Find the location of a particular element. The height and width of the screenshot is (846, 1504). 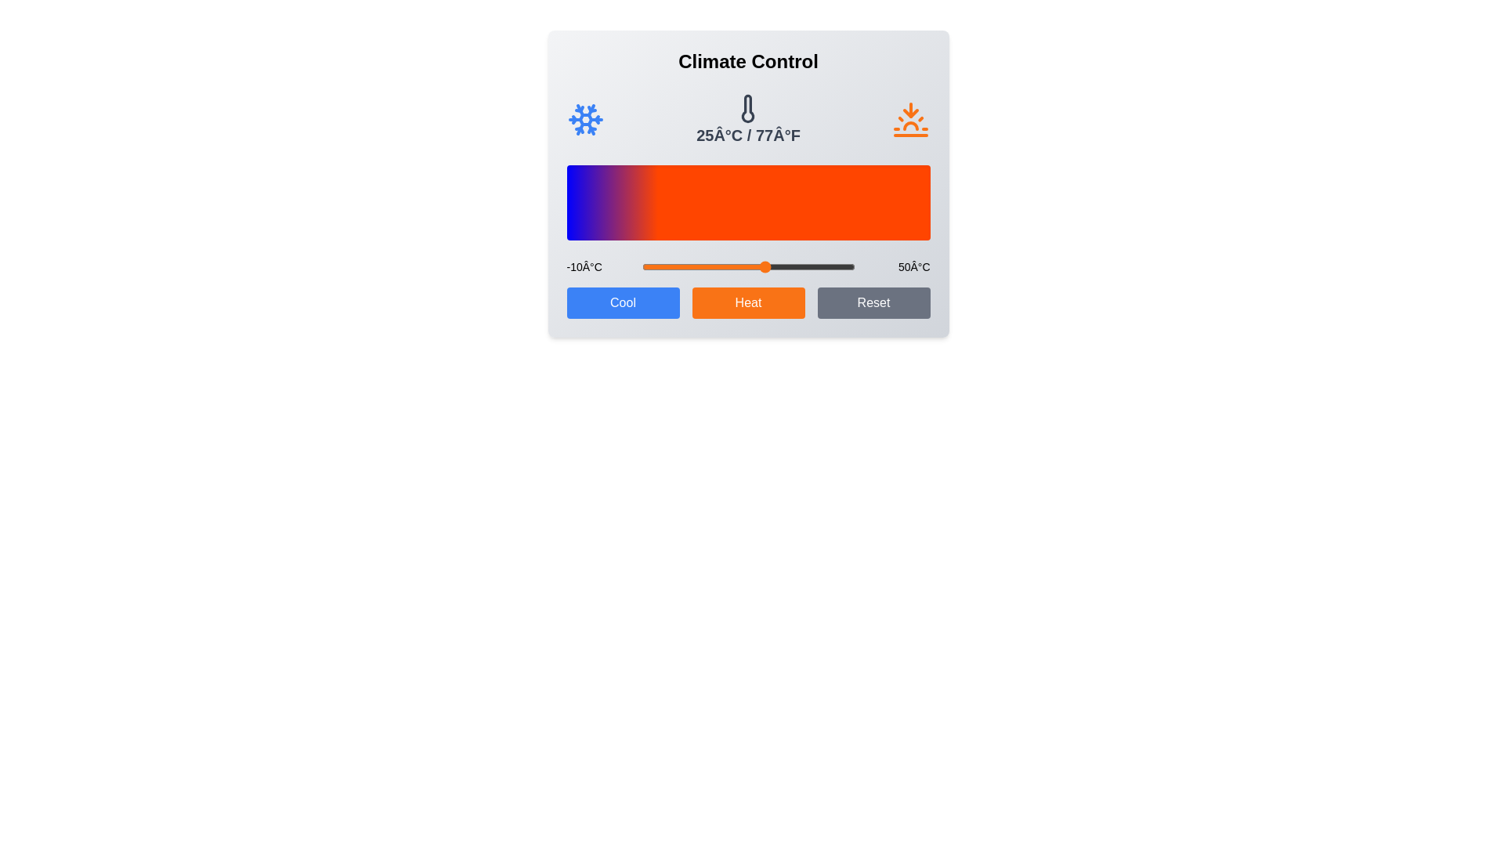

the temperature slider to 33 degrees Celsius is located at coordinates (794, 266).